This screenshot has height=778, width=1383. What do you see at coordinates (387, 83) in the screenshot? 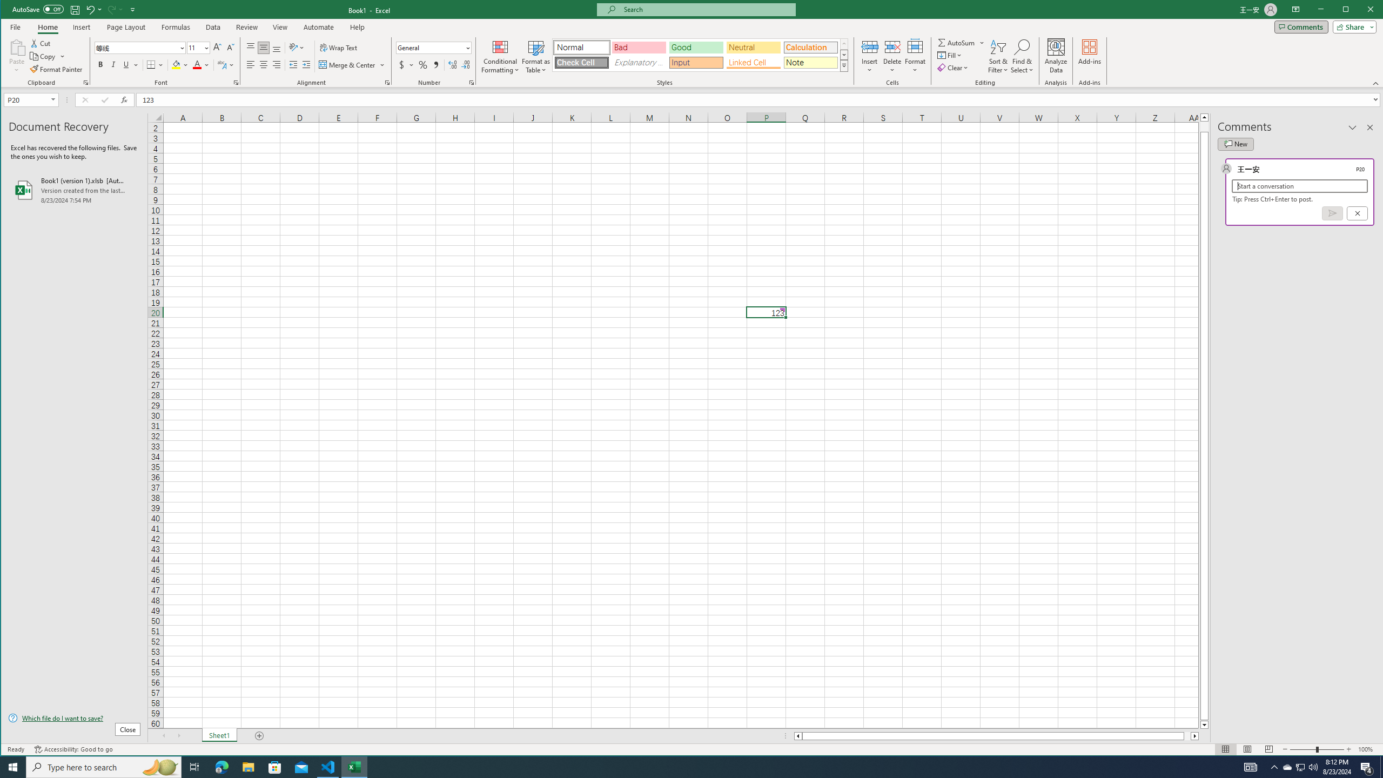
I see `'Format Cell Alignment'` at bounding box center [387, 83].